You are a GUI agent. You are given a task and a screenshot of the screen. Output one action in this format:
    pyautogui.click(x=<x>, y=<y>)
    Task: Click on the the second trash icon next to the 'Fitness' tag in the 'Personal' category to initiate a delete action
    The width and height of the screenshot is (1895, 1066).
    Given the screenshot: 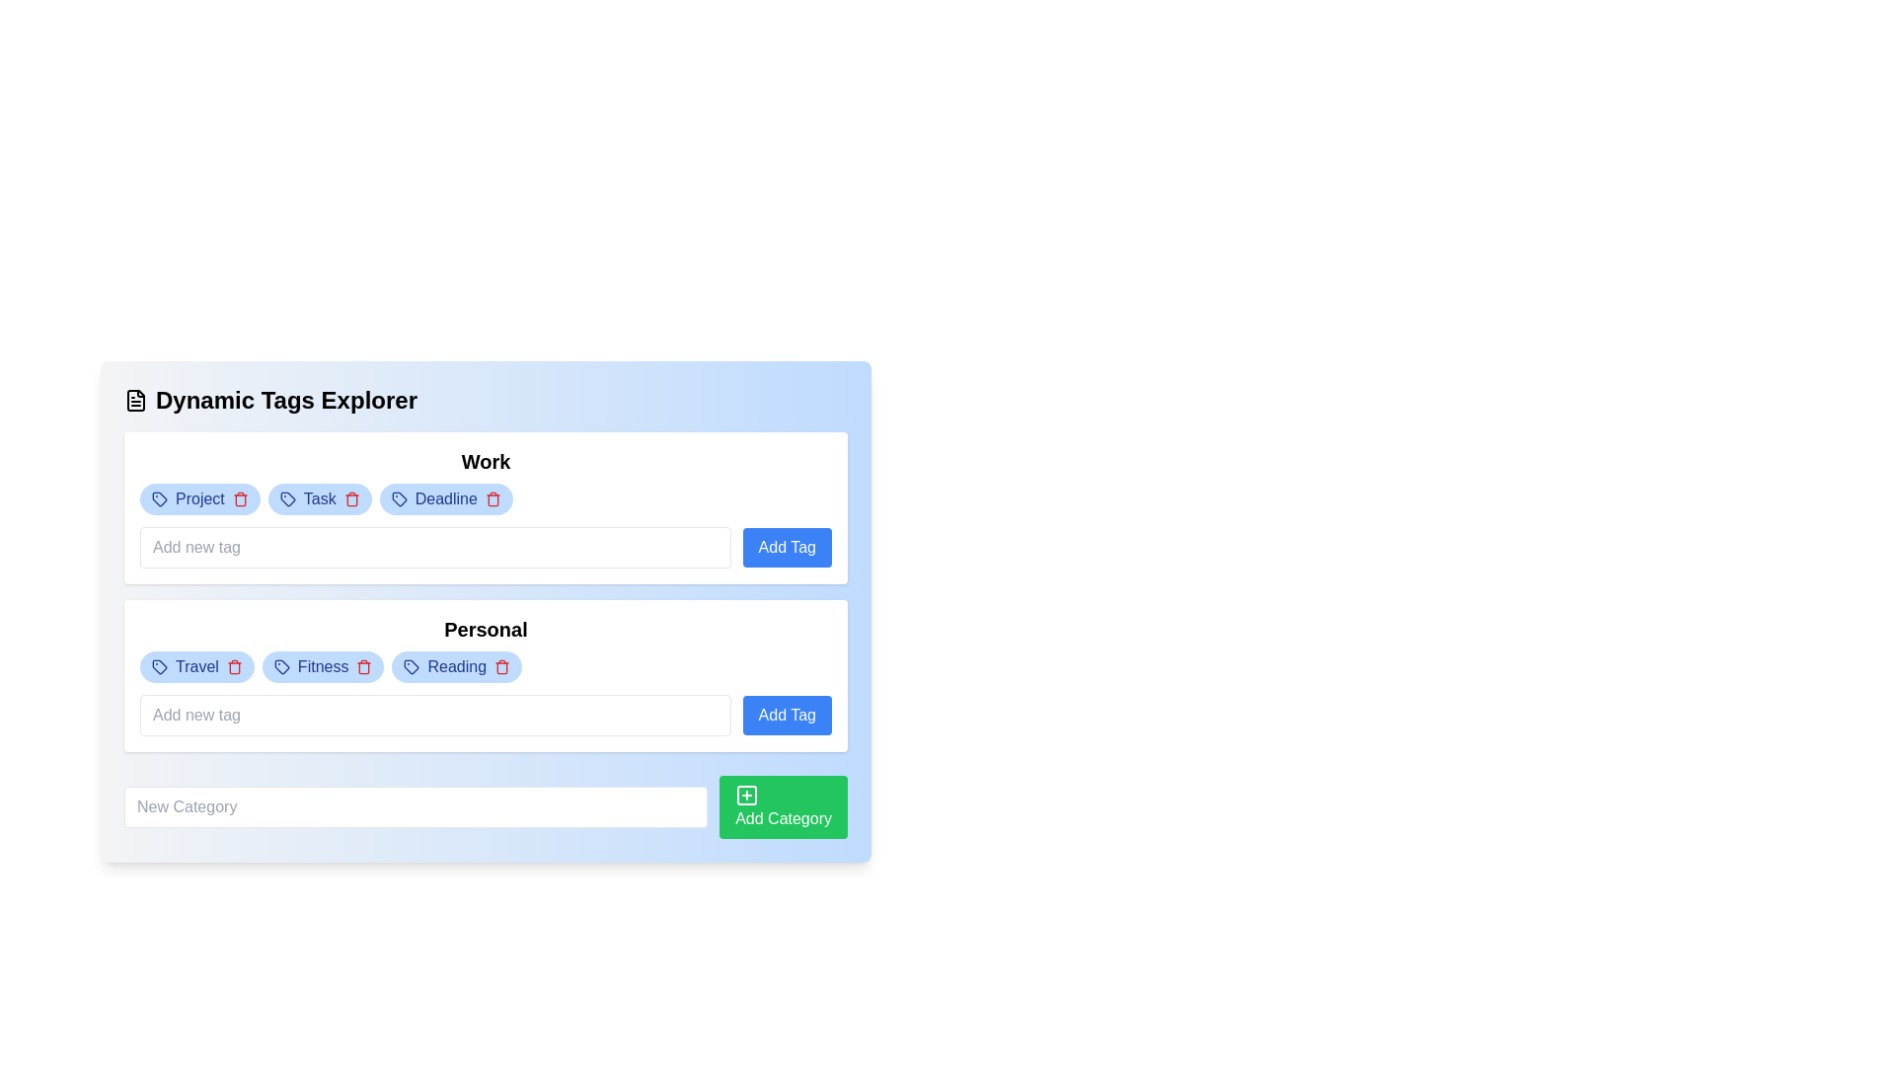 What is the action you would take?
    pyautogui.click(x=364, y=666)
    